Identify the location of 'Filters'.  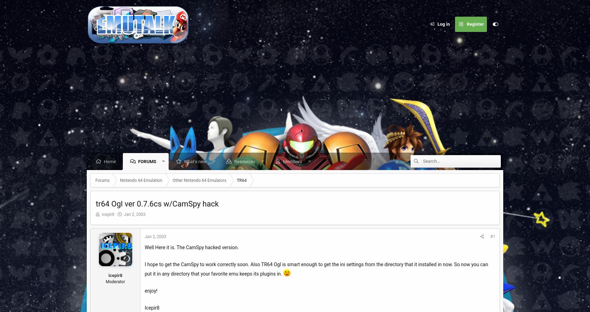
(432, 228).